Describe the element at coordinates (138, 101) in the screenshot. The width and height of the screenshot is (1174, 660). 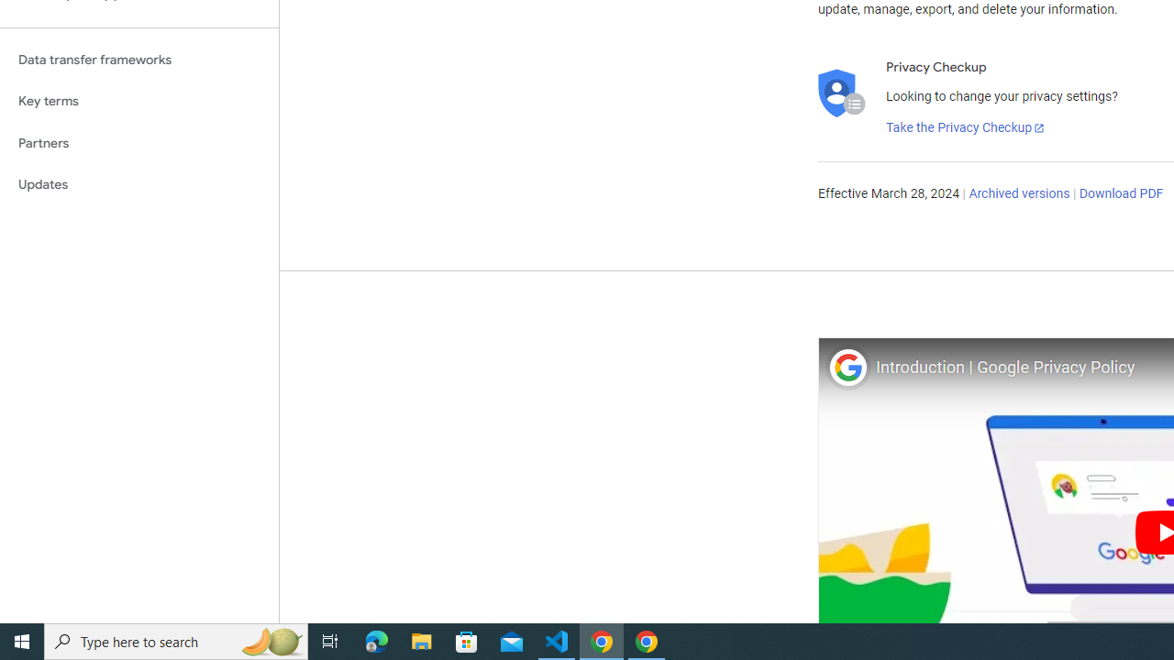
I see `'Key terms'` at that location.